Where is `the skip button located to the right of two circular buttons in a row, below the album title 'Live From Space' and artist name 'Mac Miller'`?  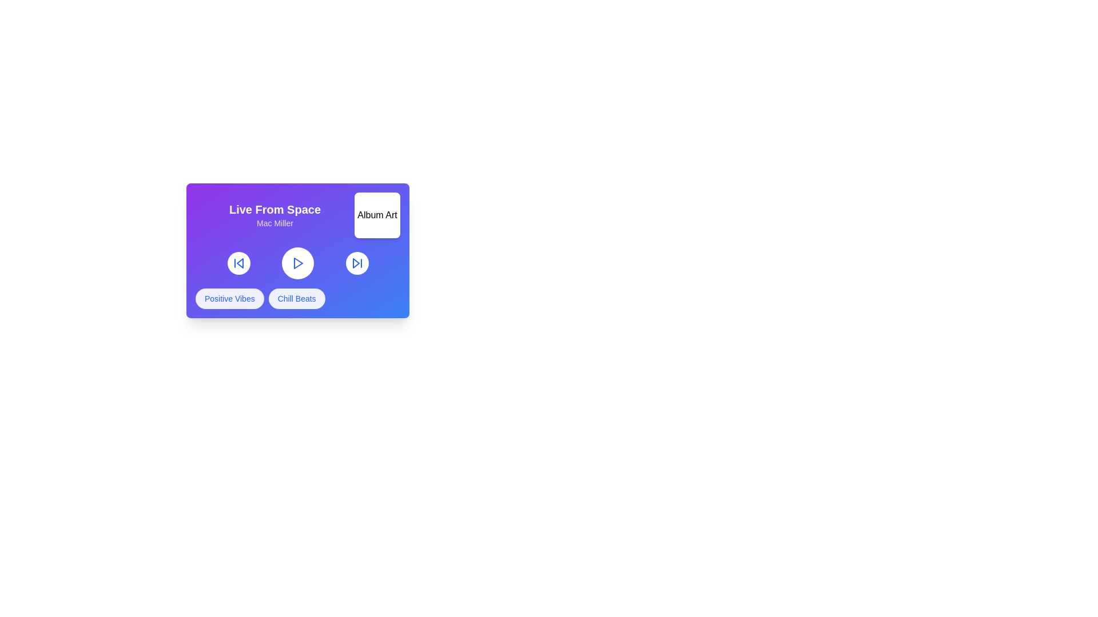
the skip button located to the right of two circular buttons in a row, below the album title 'Live From Space' and artist name 'Mac Miller' is located at coordinates (356, 263).